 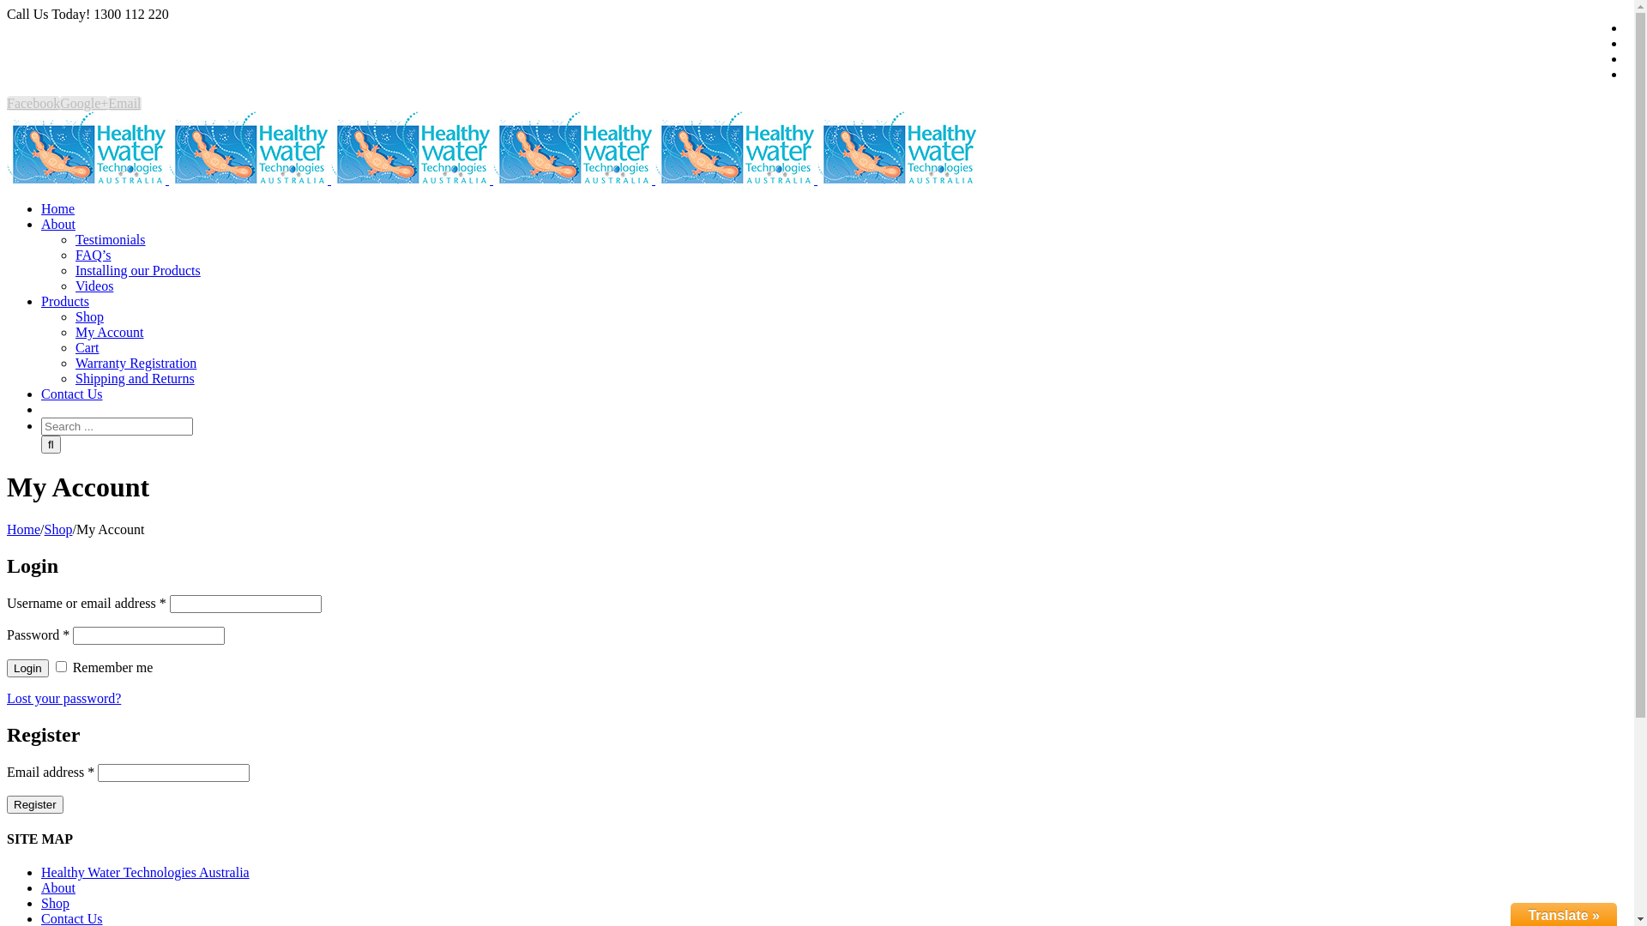 What do you see at coordinates (57, 207) in the screenshot?
I see `'Home'` at bounding box center [57, 207].